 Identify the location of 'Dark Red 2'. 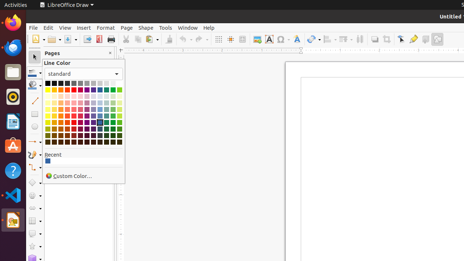
(74, 128).